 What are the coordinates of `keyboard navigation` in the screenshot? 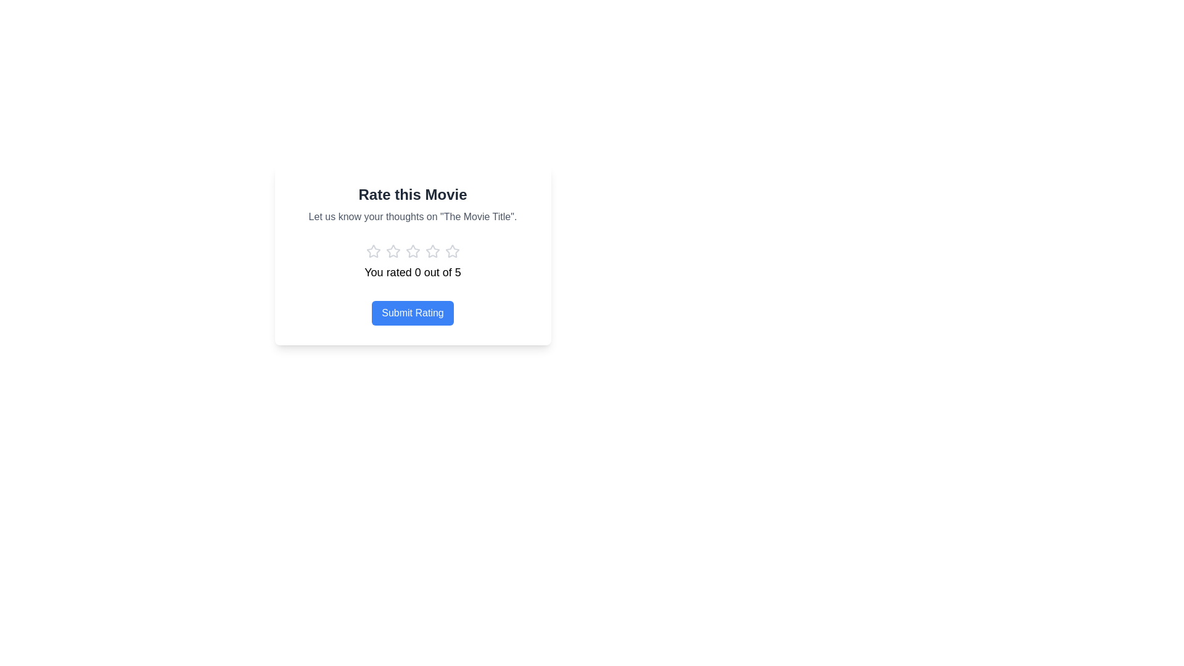 It's located at (413, 313).